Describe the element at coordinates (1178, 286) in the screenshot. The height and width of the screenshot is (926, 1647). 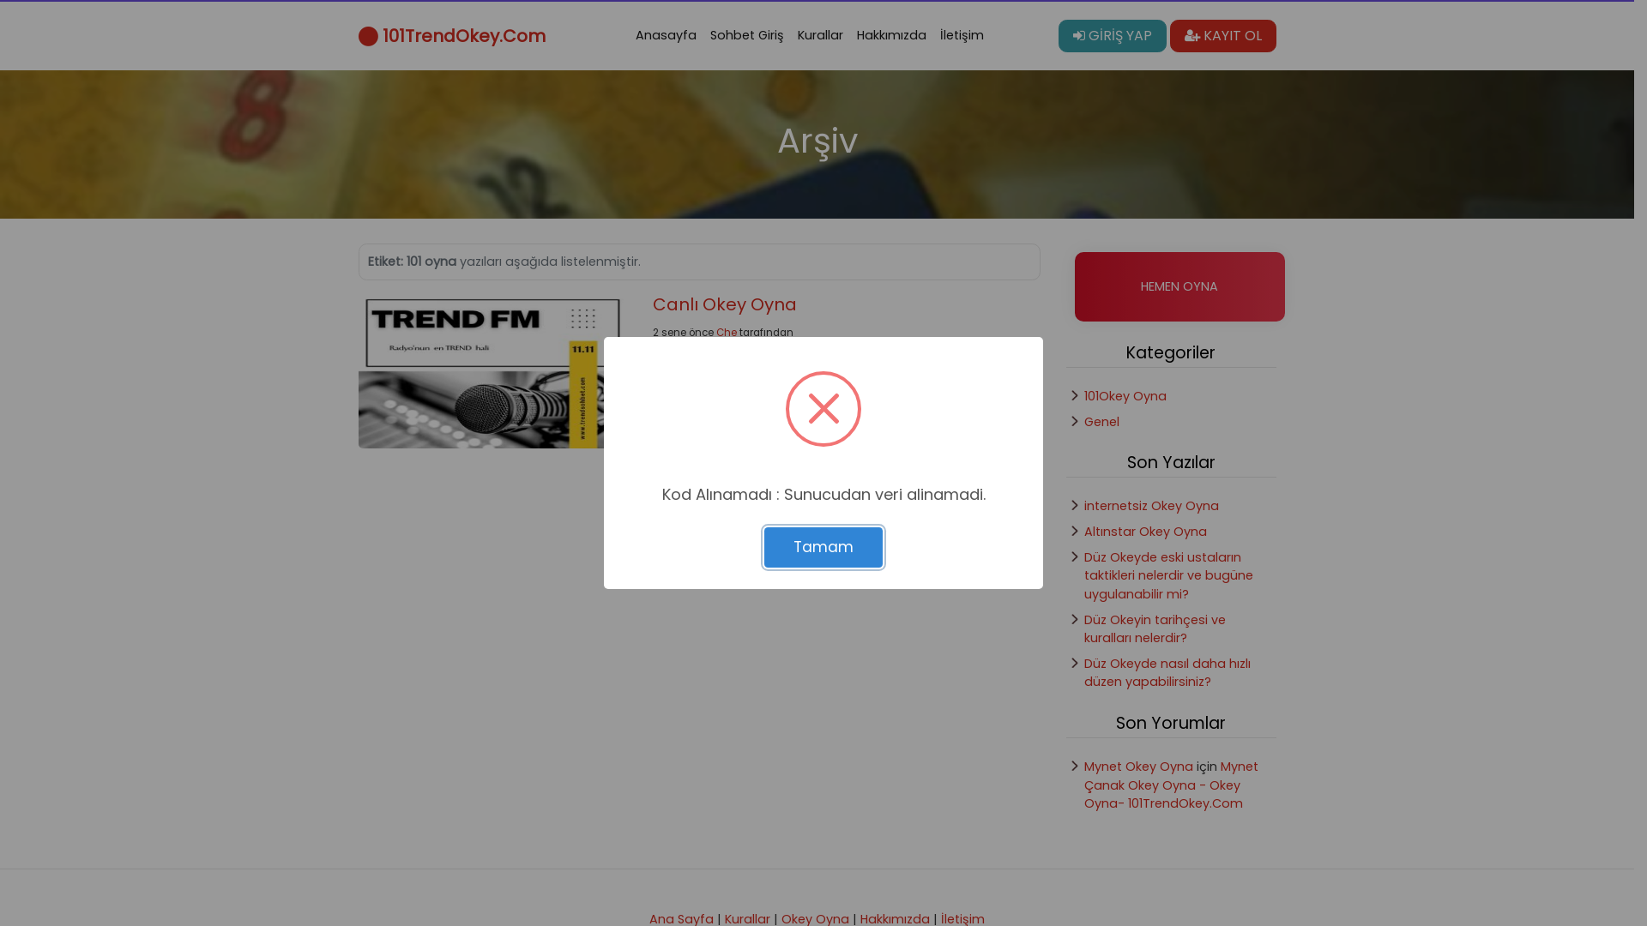
I see `'HEMEN OYNA'` at that location.